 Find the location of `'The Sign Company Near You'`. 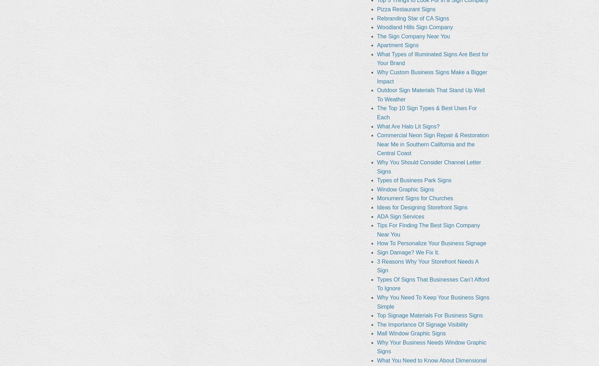

'The Sign Company Near You' is located at coordinates (376, 36).